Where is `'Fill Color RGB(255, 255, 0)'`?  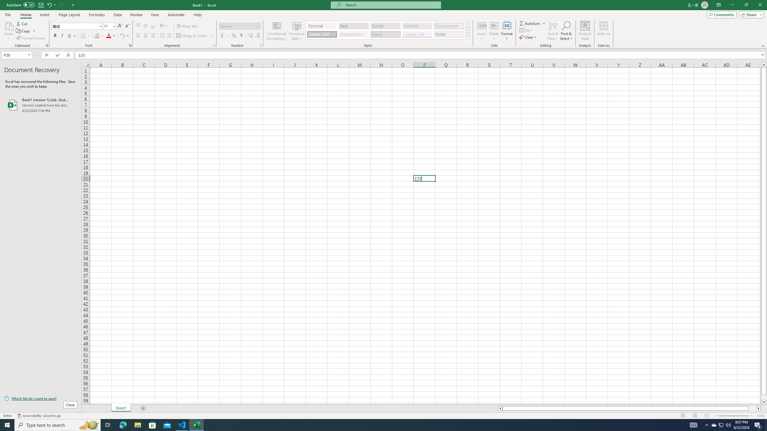 'Fill Color RGB(255, 255, 0)' is located at coordinates (96, 35).